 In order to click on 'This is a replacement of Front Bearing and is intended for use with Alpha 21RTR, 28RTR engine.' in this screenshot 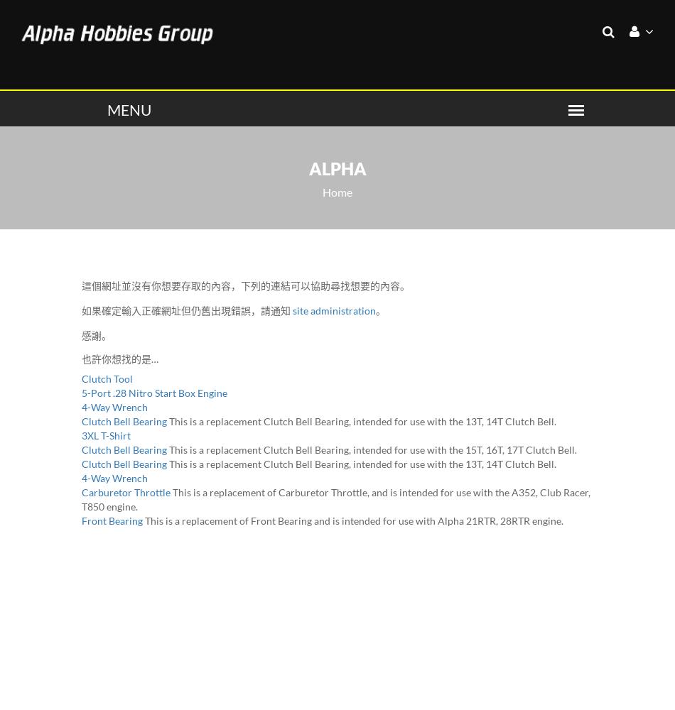, I will do `click(354, 519)`.